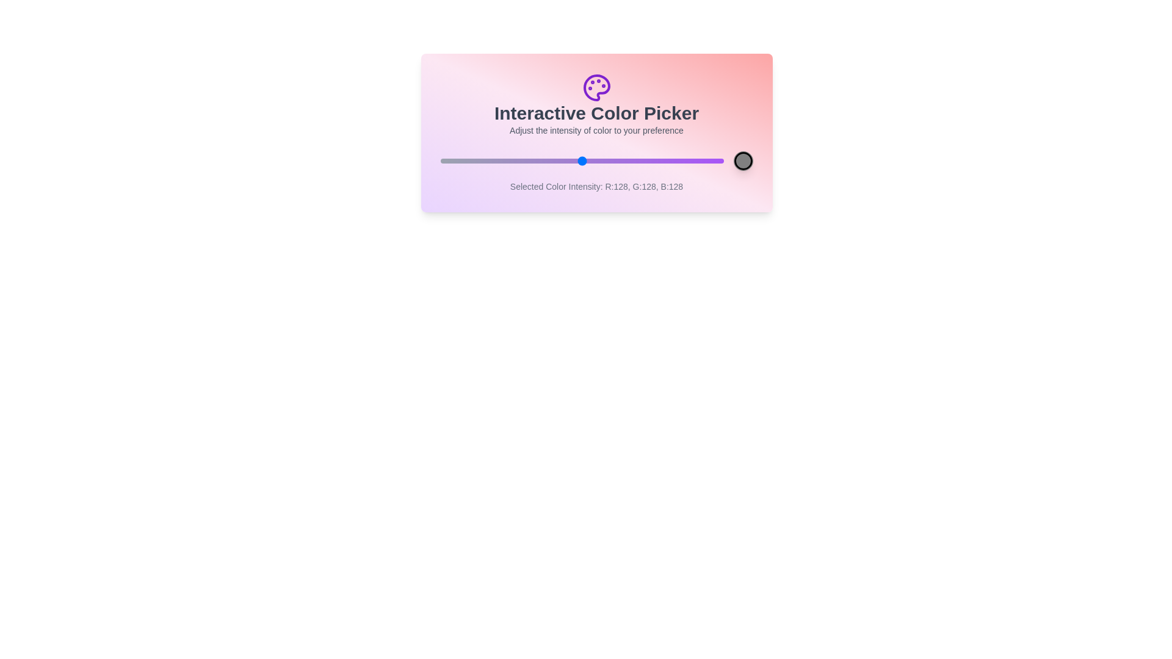  Describe the element at coordinates (471, 160) in the screenshot. I see `the color intensity to 28 by dragging the slider` at that location.